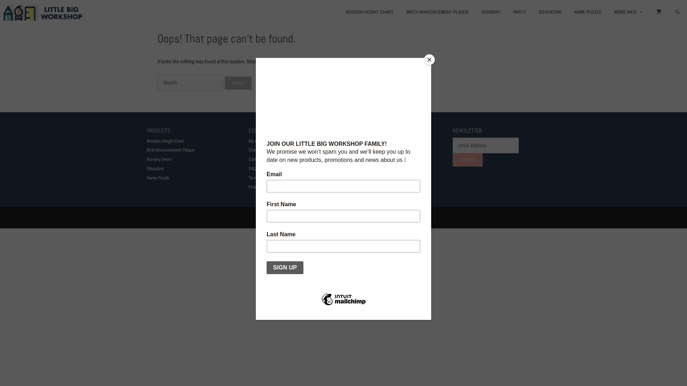 This screenshot has width=687, height=386. I want to click on 'Terms & Conditions', so click(249, 177).